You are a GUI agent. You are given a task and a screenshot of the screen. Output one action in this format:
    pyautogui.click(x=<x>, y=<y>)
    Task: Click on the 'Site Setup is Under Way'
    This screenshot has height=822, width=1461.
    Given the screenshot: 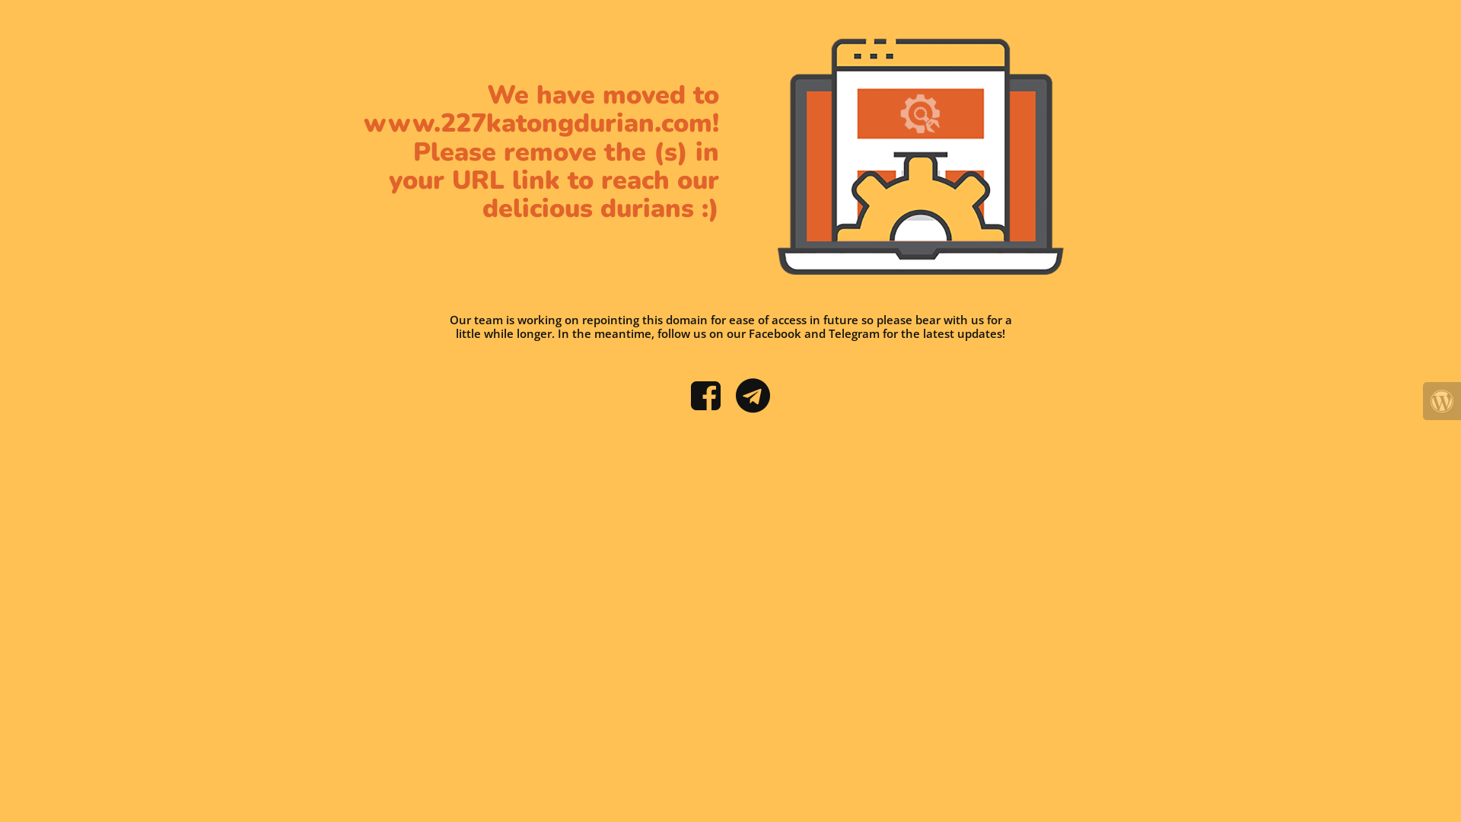 What is the action you would take?
    pyautogui.click(x=919, y=156)
    